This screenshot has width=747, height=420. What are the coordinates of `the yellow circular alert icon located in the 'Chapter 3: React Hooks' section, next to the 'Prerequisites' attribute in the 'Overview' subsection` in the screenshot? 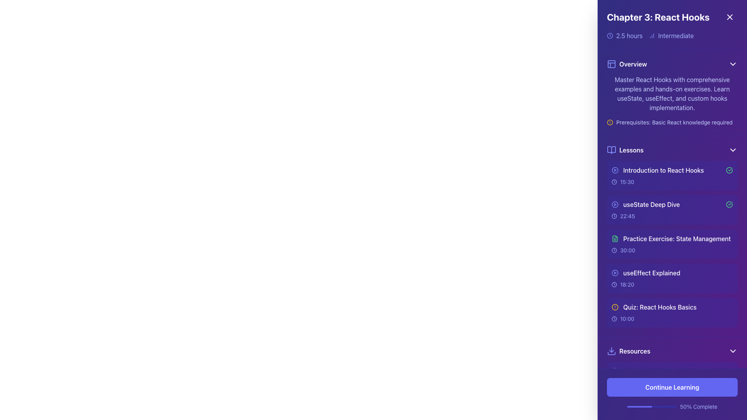 It's located at (610, 122).